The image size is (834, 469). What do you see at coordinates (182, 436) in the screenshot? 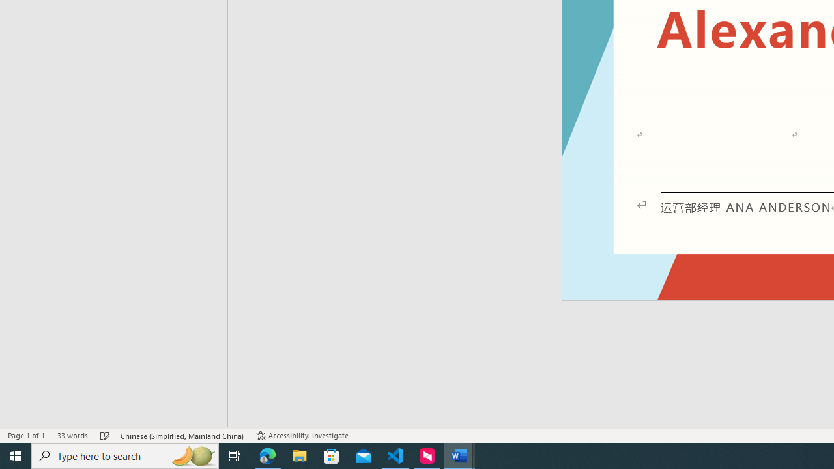
I see `'Language Chinese (Simplified, Mainland China)'` at bounding box center [182, 436].